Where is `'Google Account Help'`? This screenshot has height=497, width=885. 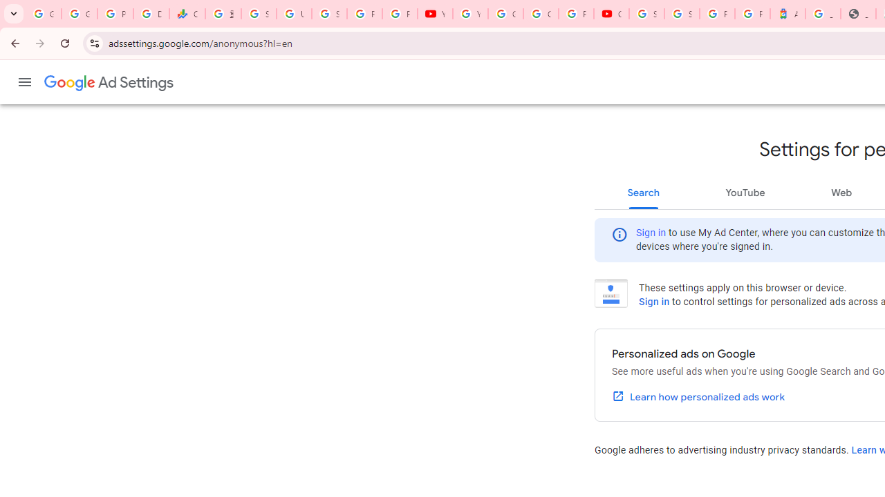 'Google Account Help' is located at coordinates (505, 14).